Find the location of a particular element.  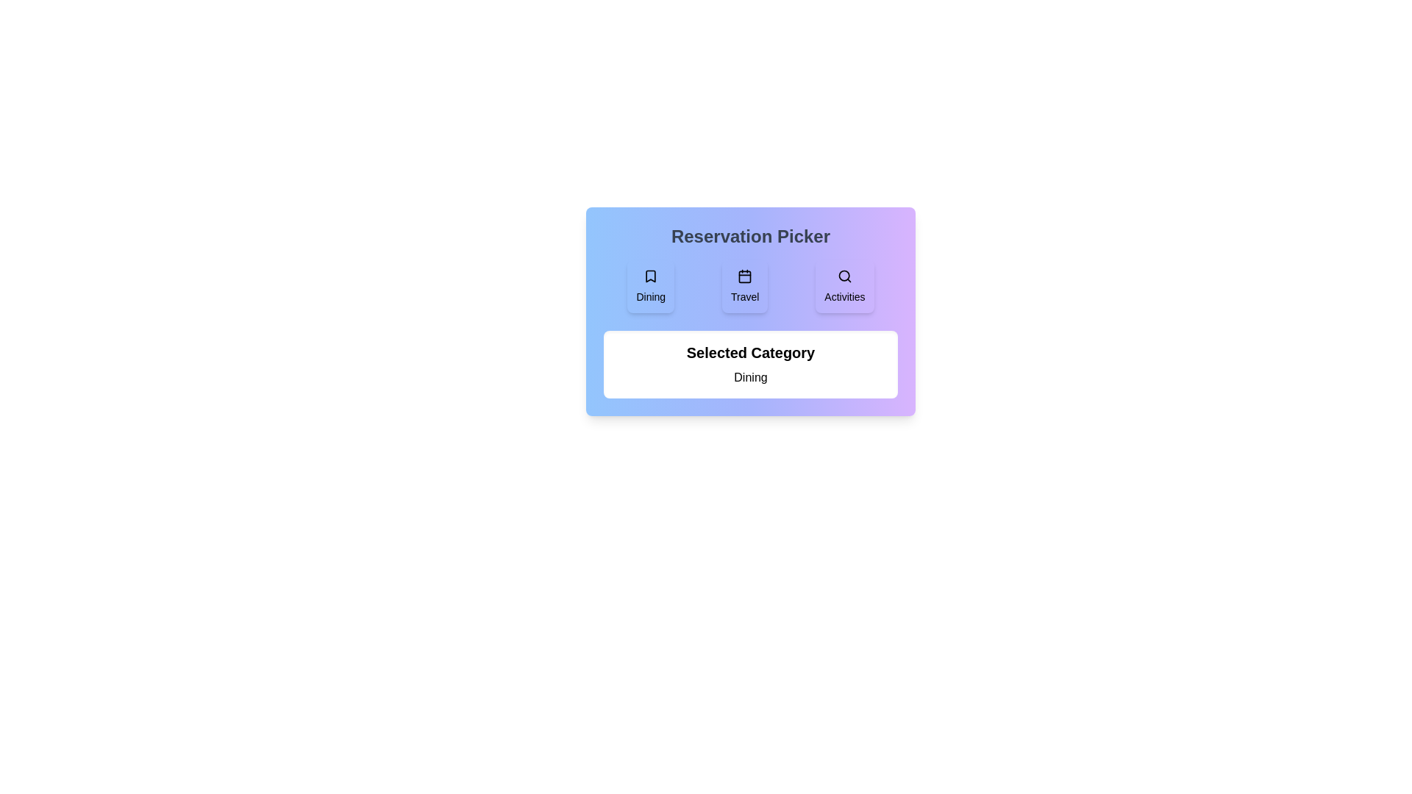

the category button labeled Dining to select it is located at coordinates (649, 286).